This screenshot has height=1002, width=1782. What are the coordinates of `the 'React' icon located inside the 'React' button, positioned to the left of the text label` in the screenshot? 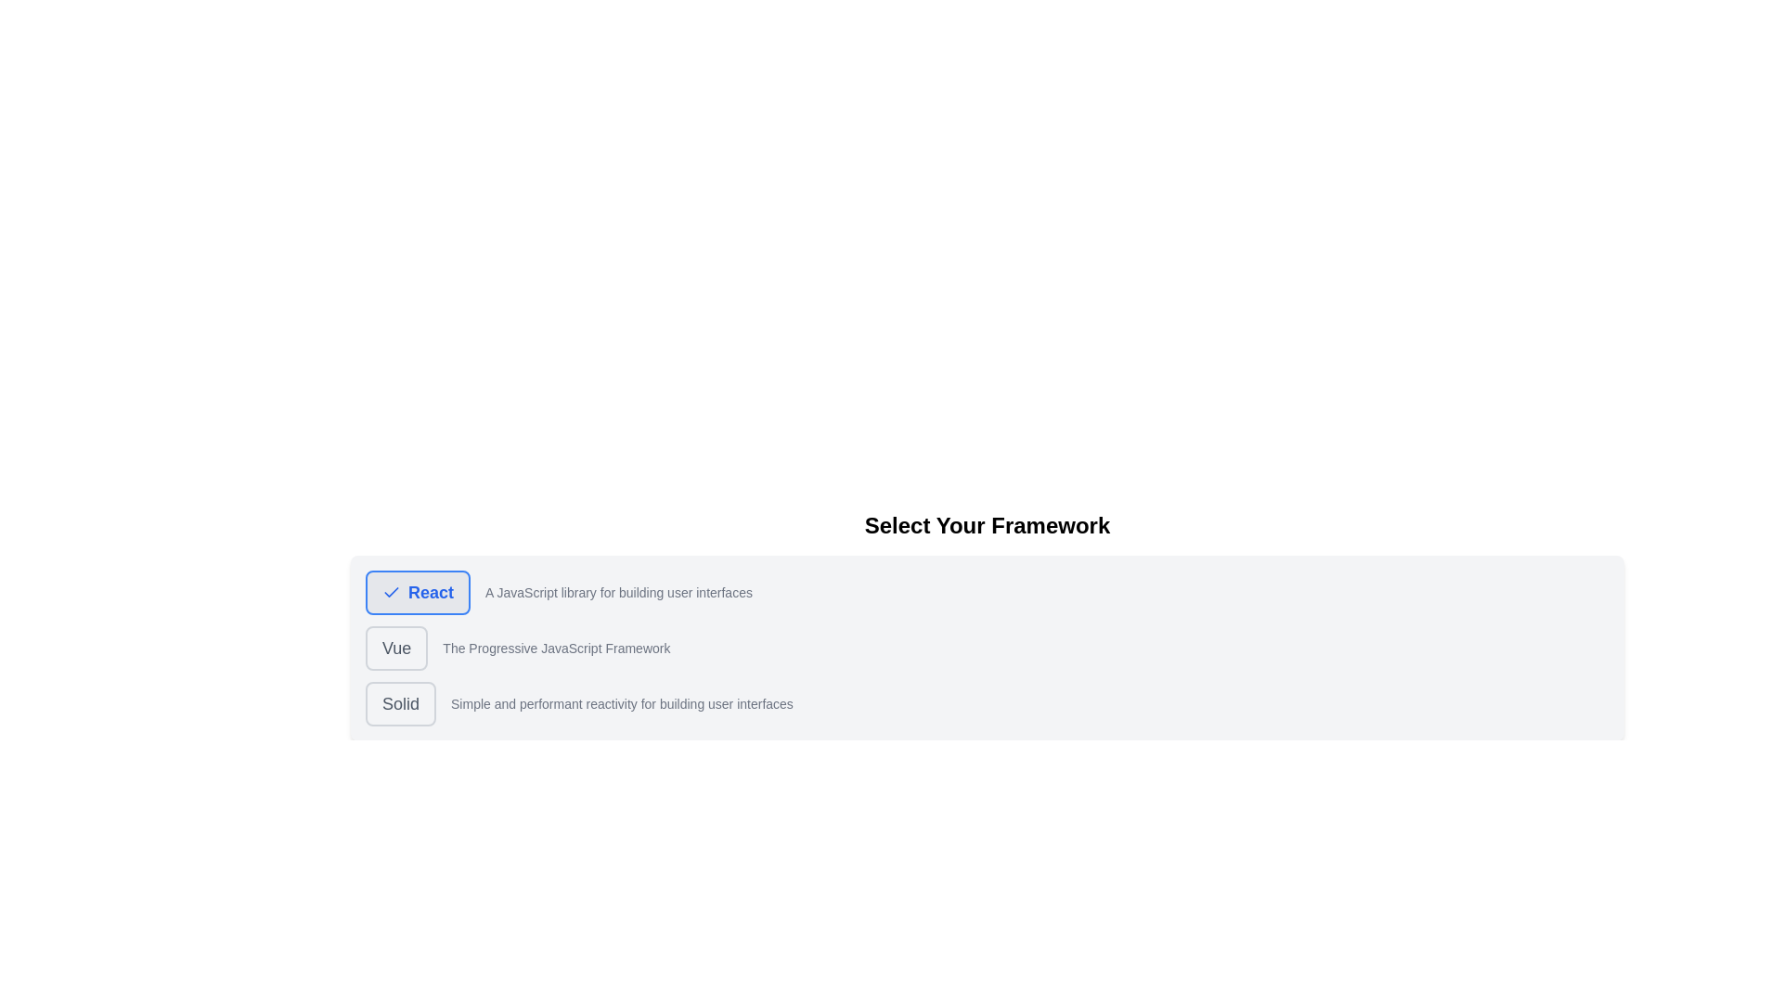 It's located at (391, 593).